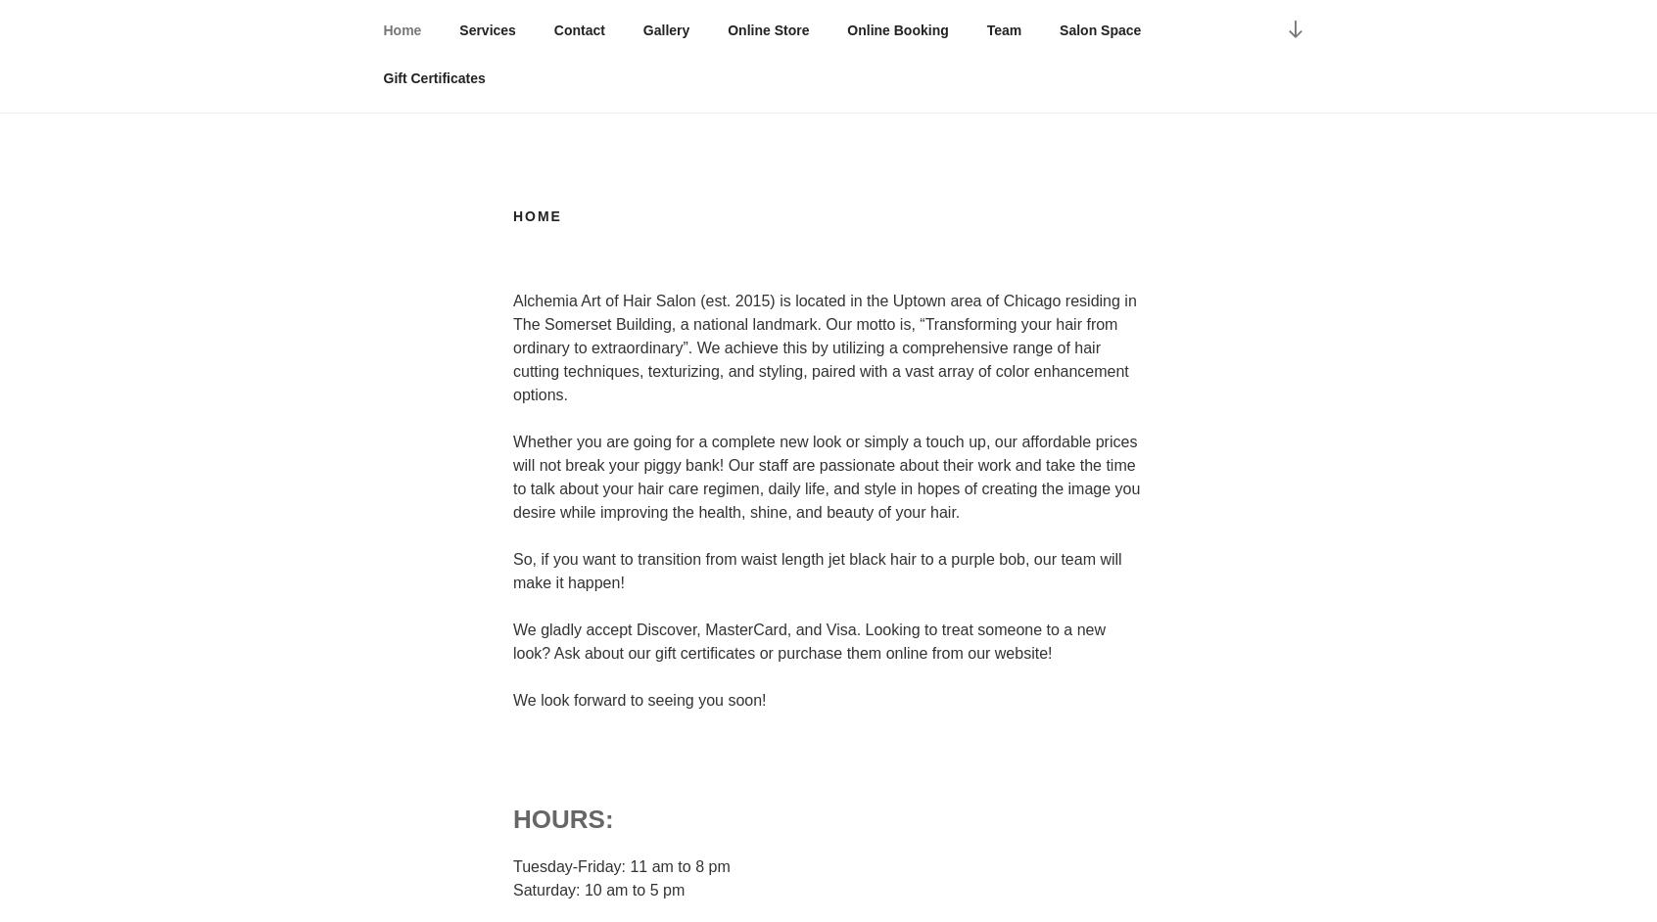 This screenshot has width=1657, height=922. I want to click on 'Alchemia Art of Hair Salon (est. 2015) is located in the Uptown area of Chicago residing in The Somerset Building, a national landmark. Our motto is, “Transforming your hair from ordinary to extraordinary”.  We achieve this by utilizing a comprehensive range of hair cutting techniques, texturizing, and styling, paired with a vast array of color enhancement options.', so click(824, 346).